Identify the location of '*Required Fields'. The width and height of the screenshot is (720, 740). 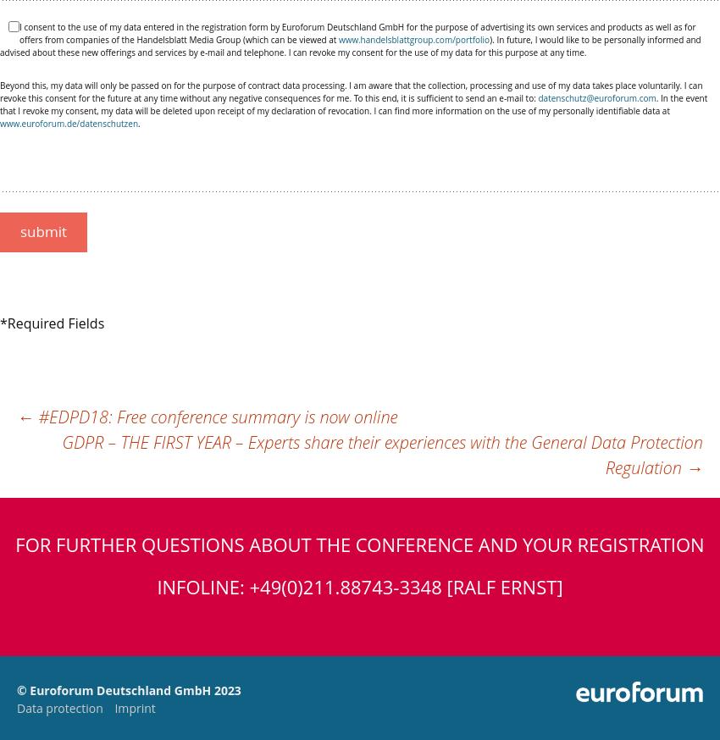
(0, 323).